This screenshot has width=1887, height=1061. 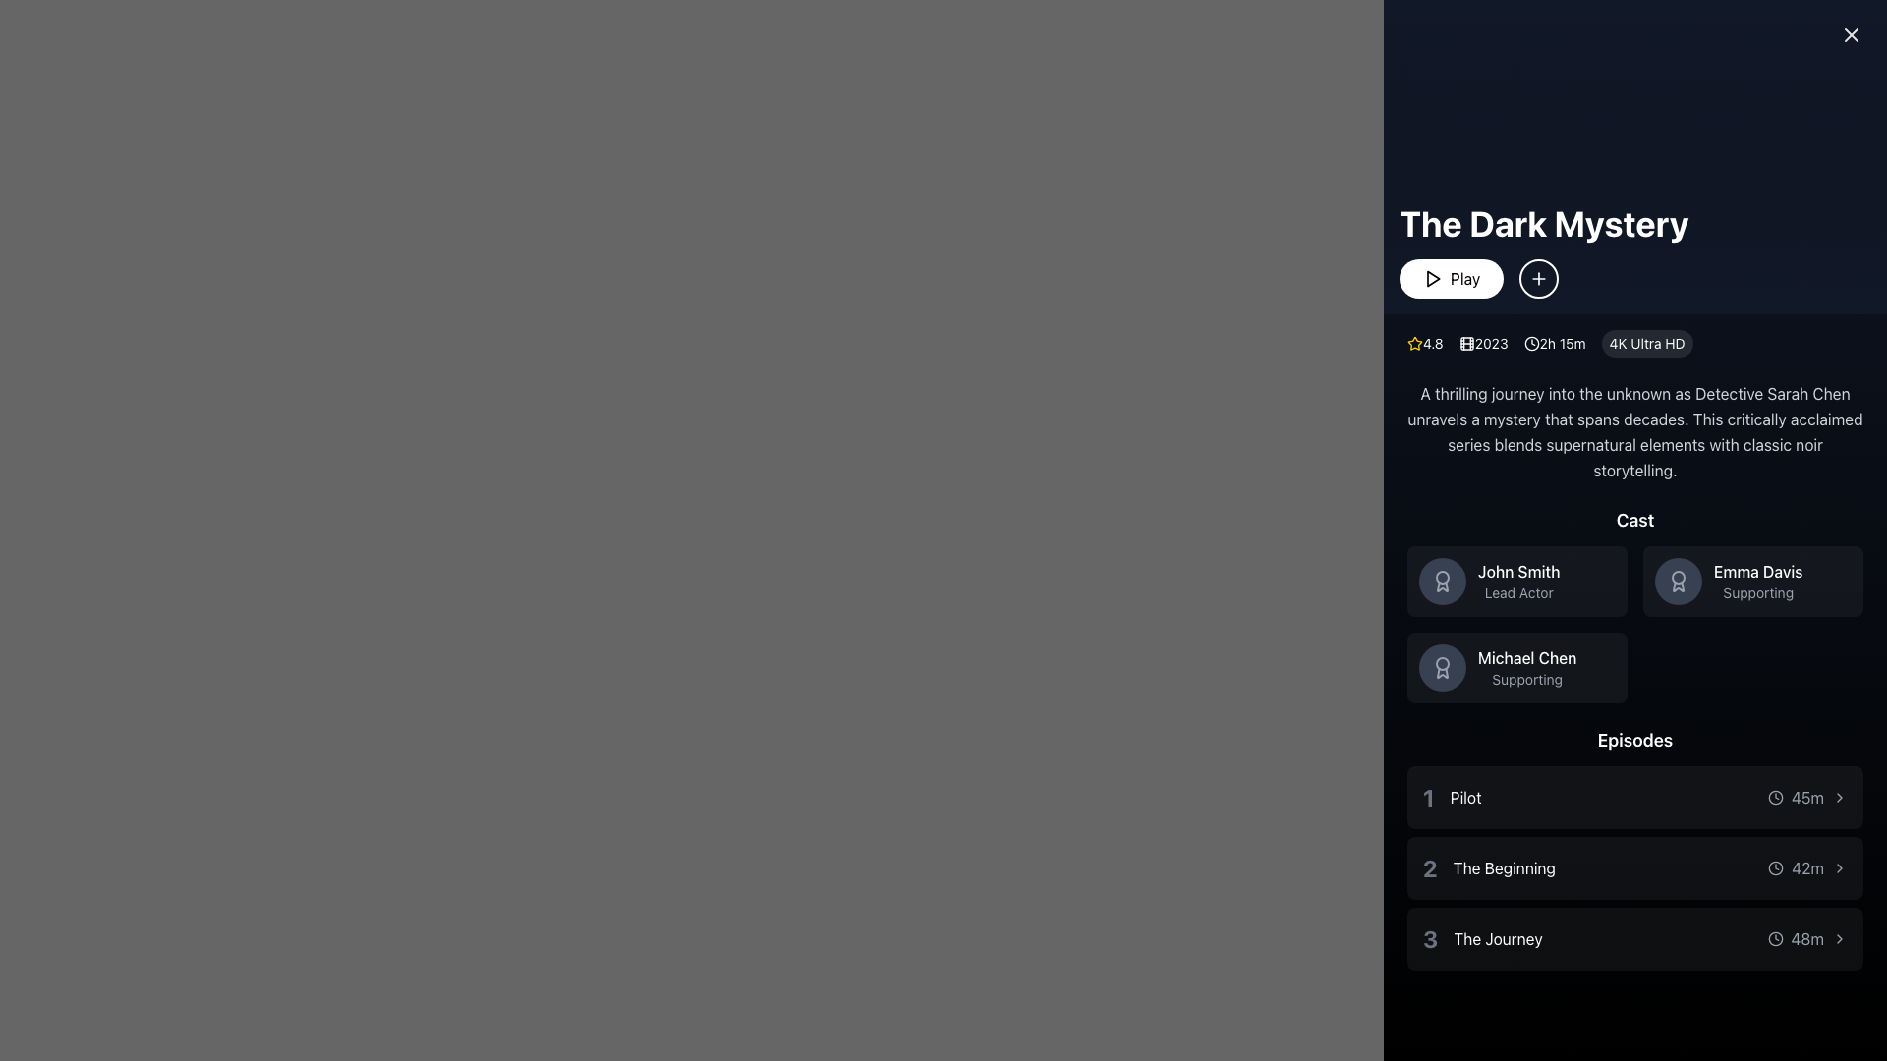 What do you see at coordinates (1443, 672) in the screenshot?
I see `the decorative subcomponent of the Award icon associated with the actor Michael Chen in the Cast section` at bounding box center [1443, 672].